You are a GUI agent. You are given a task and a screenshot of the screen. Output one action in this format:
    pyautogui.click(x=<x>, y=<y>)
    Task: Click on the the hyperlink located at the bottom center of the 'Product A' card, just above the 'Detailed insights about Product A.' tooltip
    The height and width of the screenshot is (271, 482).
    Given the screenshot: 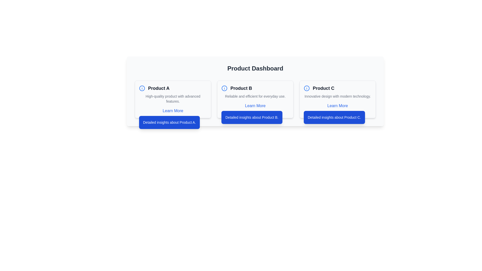 What is the action you would take?
    pyautogui.click(x=173, y=111)
    